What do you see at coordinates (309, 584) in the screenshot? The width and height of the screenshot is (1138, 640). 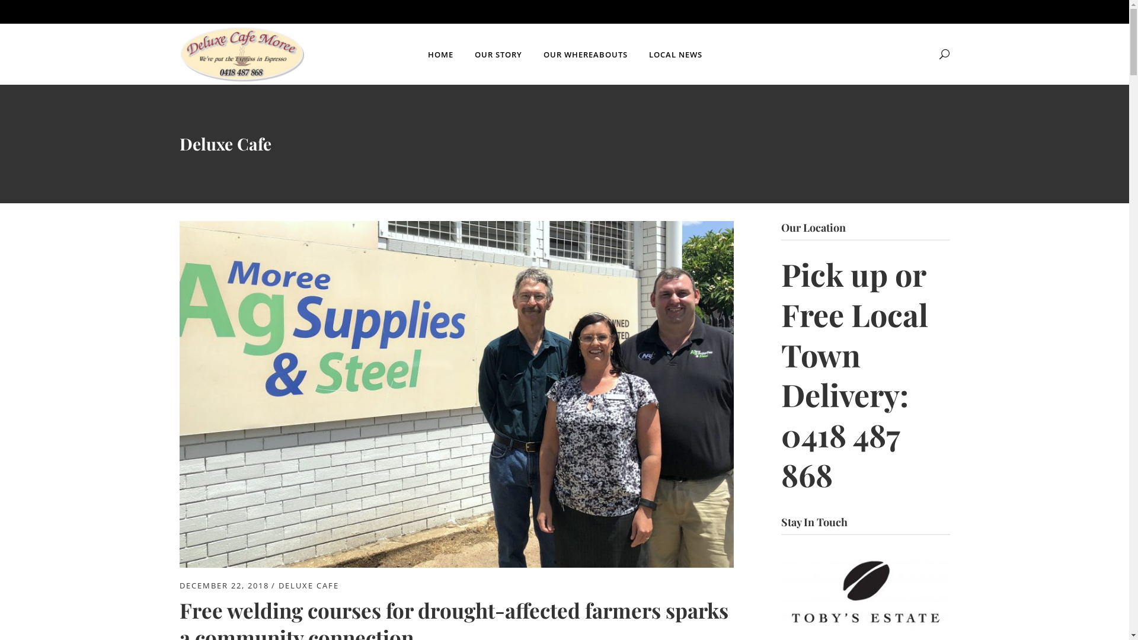 I see `'DELUXE CAFE'` at bounding box center [309, 584].